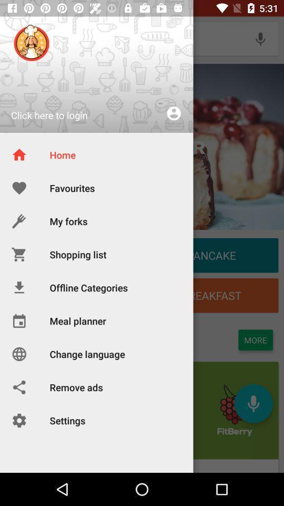  I want to click on the microphone icon, so click(253, 403).